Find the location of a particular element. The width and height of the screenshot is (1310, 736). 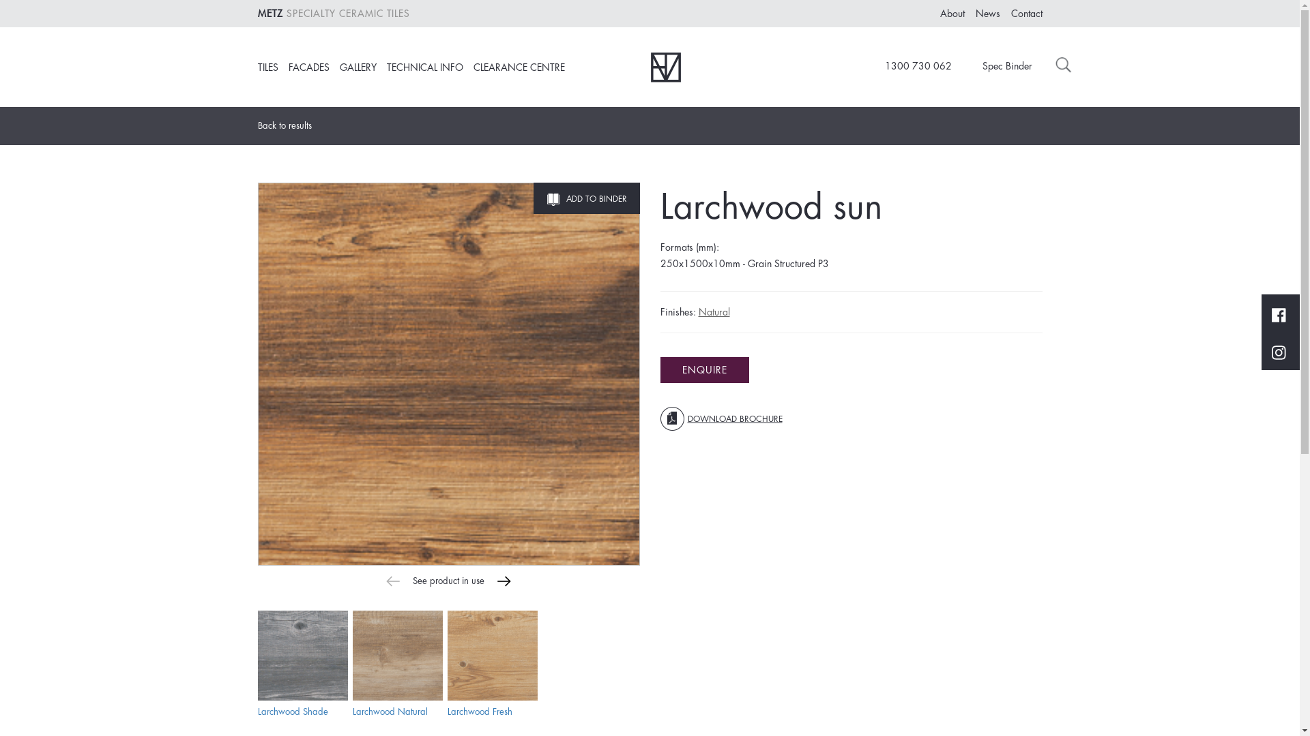

'Spec Binder' is located at coordinates (964, 65).